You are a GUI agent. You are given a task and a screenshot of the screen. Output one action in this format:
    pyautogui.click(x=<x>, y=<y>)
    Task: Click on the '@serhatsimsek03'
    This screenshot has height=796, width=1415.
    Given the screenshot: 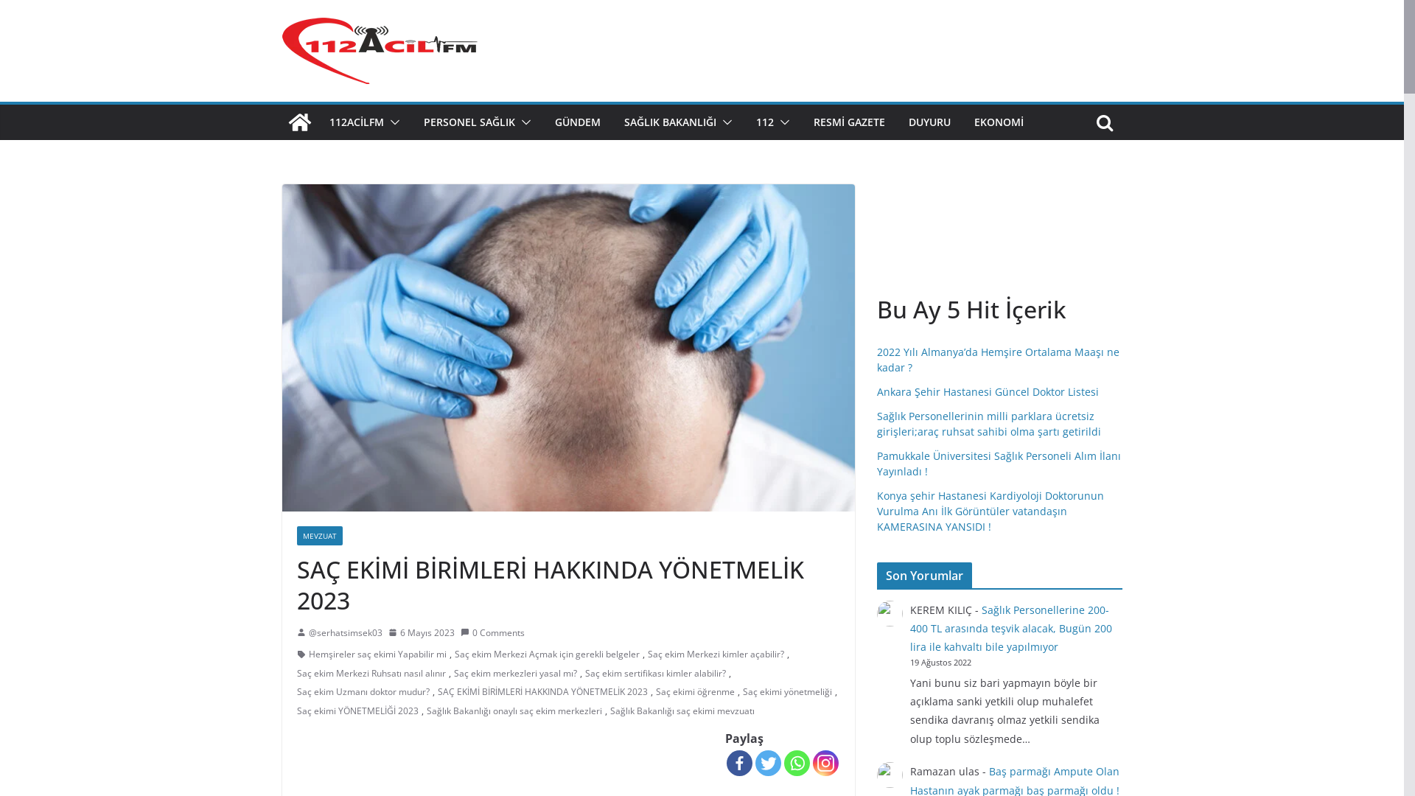 What is the action you would take?
    pyautogui.click(x=343, y=632)
    